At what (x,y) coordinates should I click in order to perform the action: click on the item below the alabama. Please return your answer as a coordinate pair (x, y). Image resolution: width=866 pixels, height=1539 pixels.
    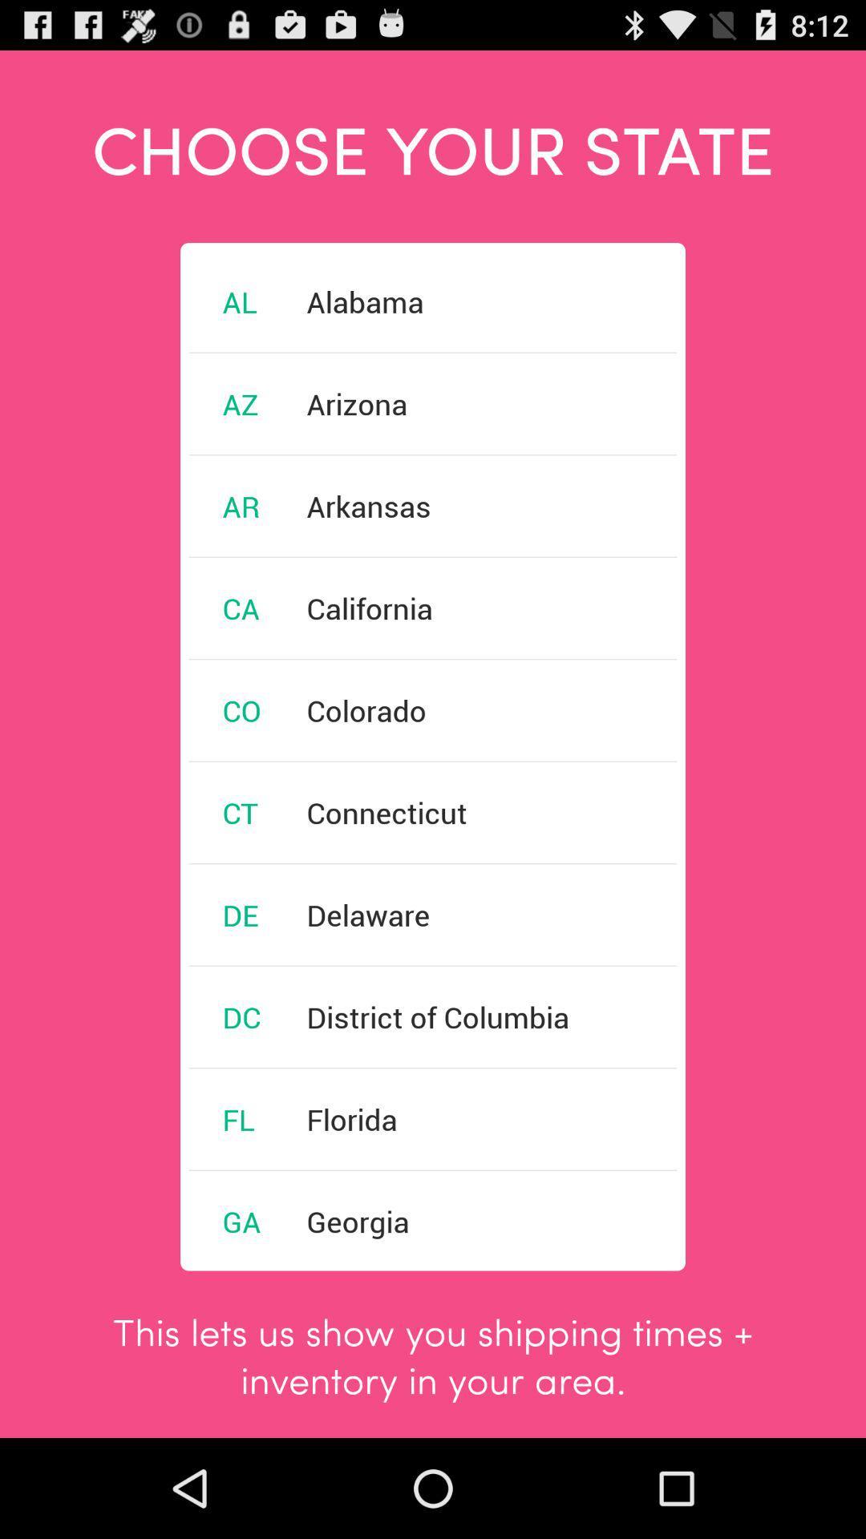
    Looking at the image, I should click on (356, 404).